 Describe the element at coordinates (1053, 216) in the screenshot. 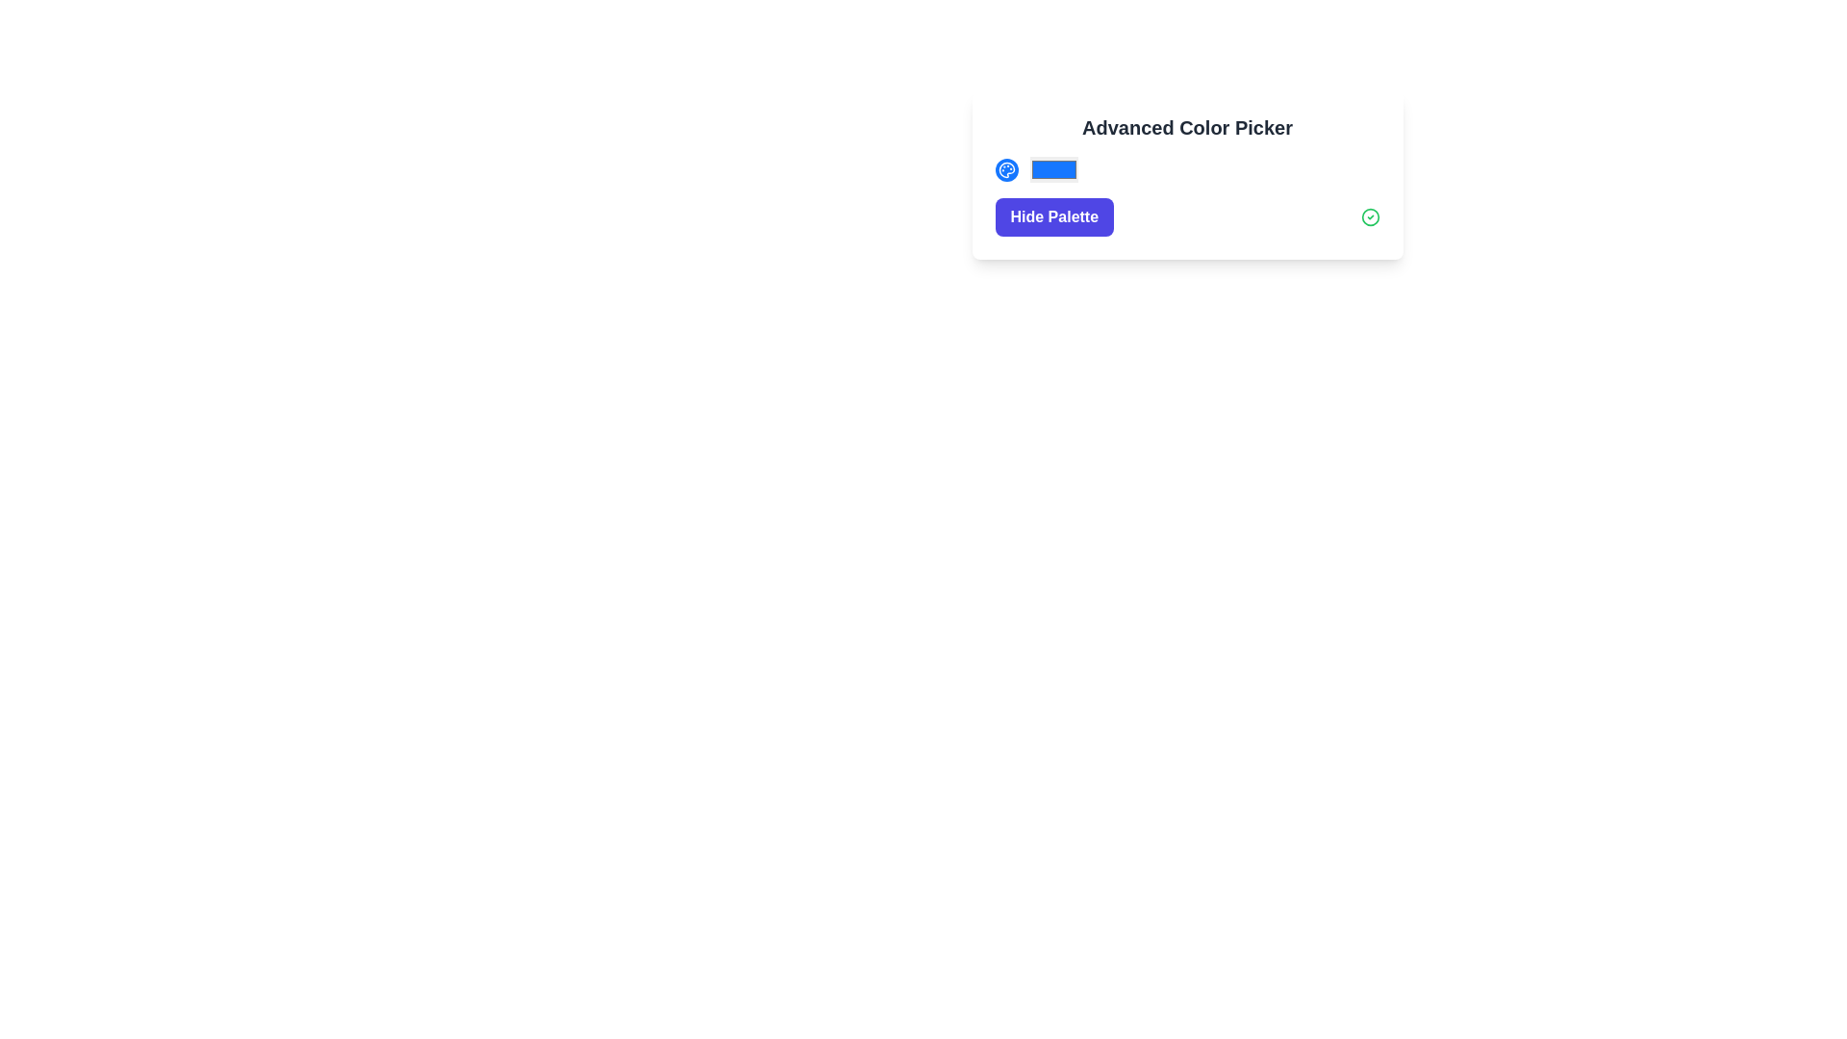

I see `the 'Hide Palette' button with a blue background and white text` at that location.